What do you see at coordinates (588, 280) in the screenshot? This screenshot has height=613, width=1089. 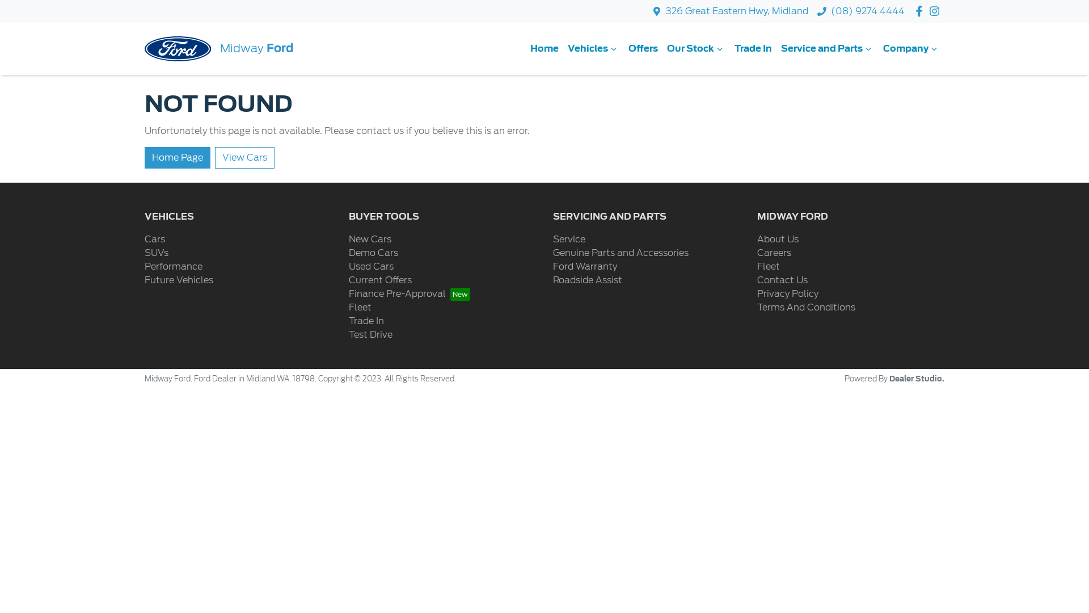 I see `'Roadside Assist'` at bounding box center [588, 280].